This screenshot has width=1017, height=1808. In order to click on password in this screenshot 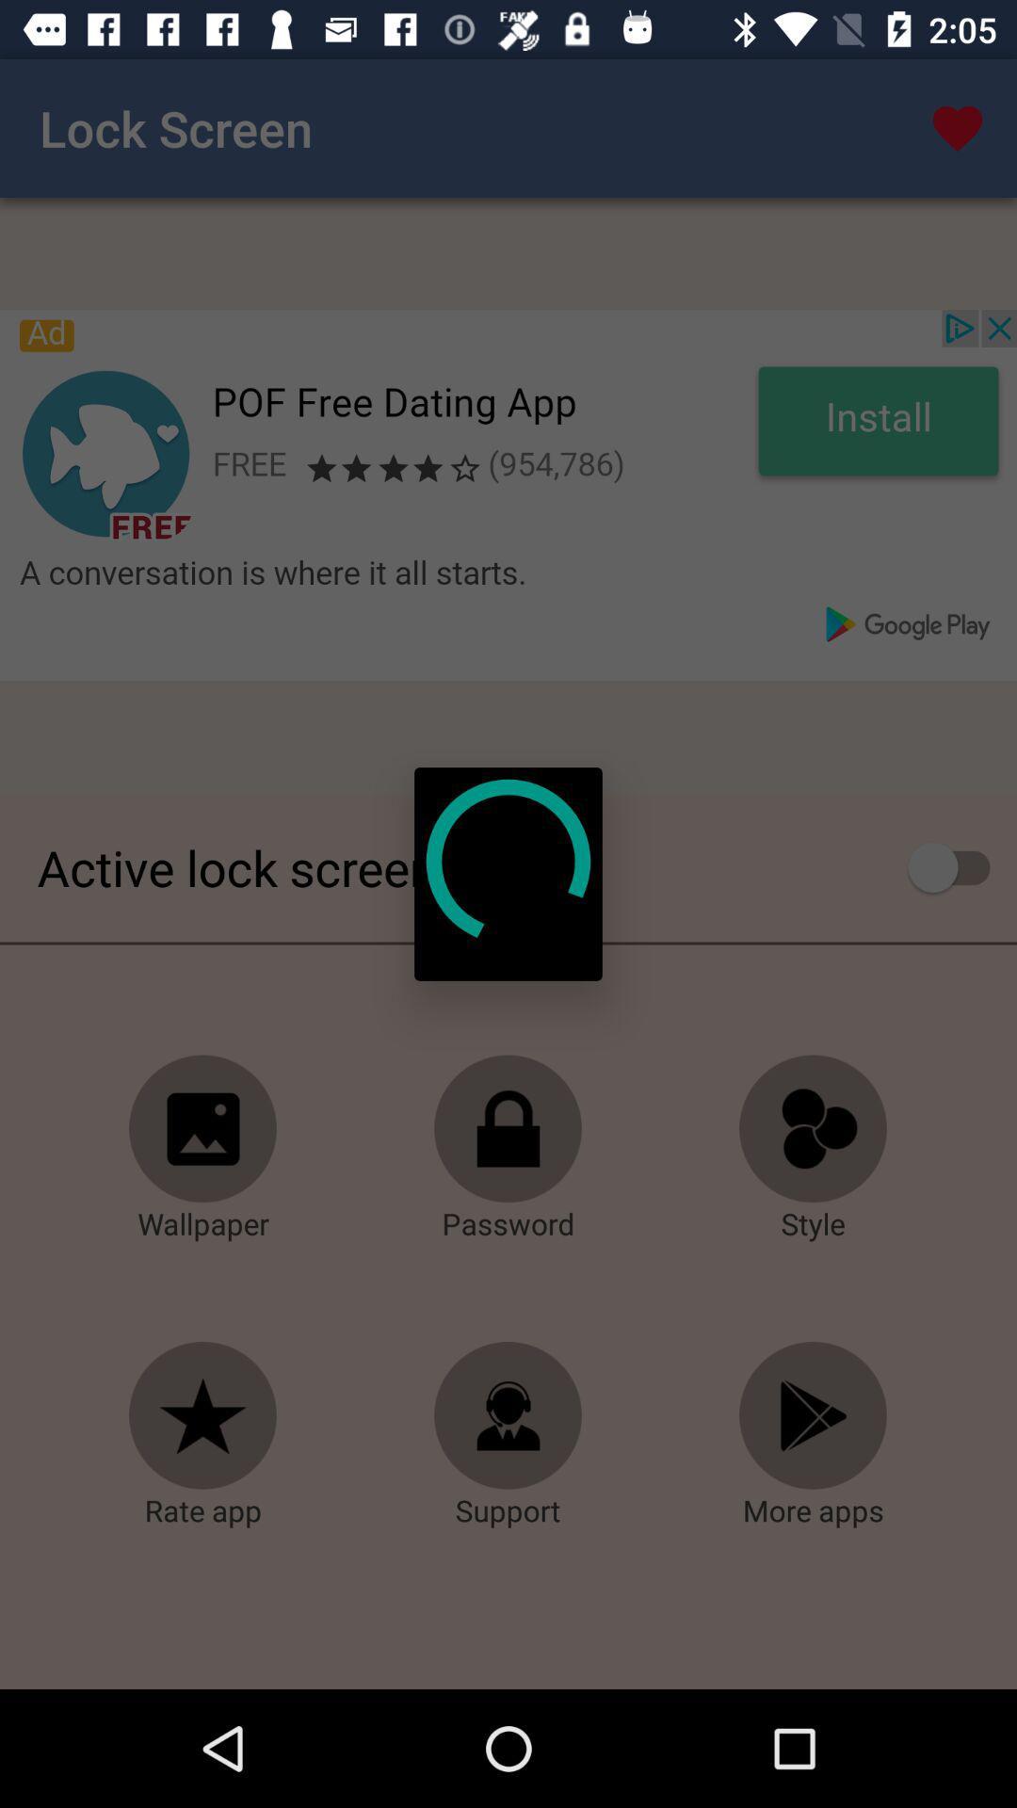, I will do `click(508, 1129)`.